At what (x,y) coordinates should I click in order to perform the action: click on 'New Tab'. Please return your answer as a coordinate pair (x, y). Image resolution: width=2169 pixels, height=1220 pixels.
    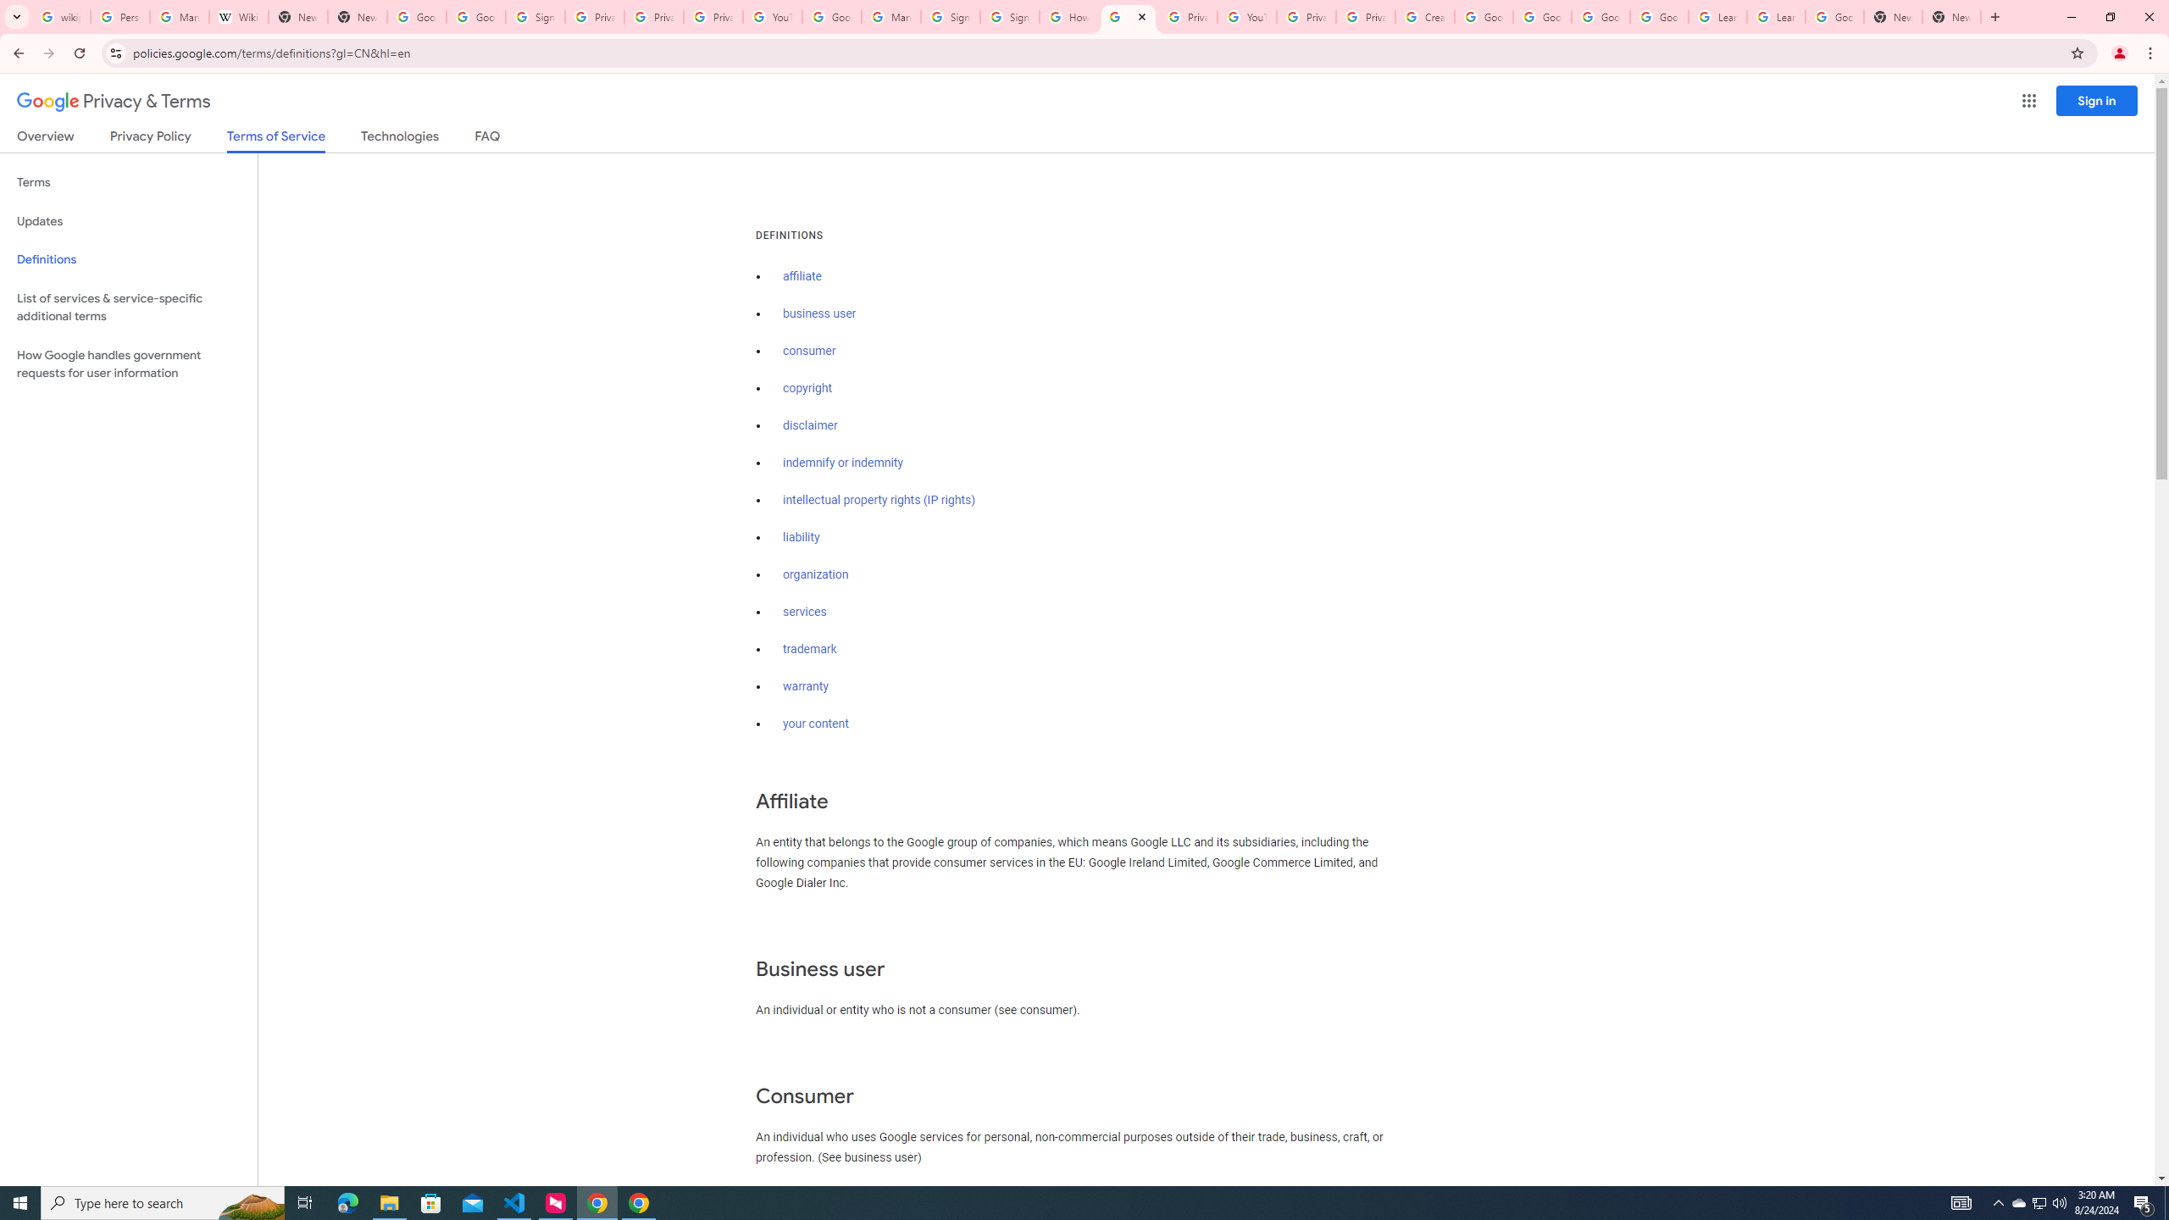
    Looking at the image, I should click on (1892, 16).